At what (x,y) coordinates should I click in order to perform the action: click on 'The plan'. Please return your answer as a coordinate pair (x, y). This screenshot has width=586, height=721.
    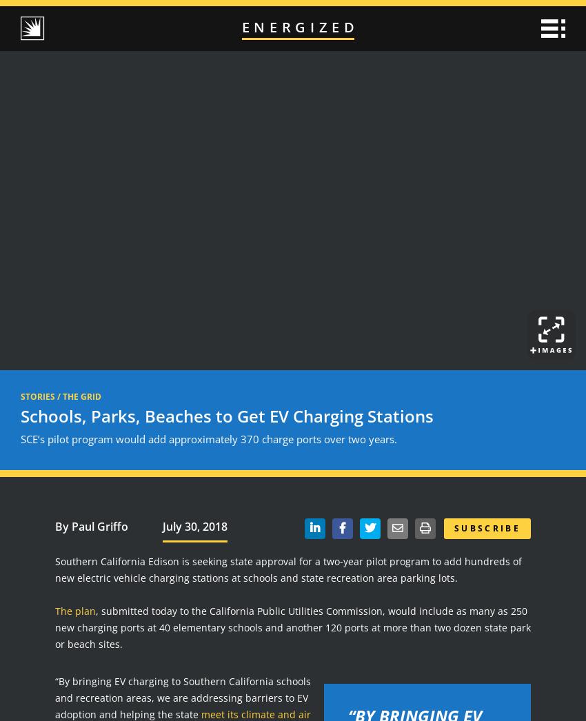
    Looking at the image, I should click on (74, 609).